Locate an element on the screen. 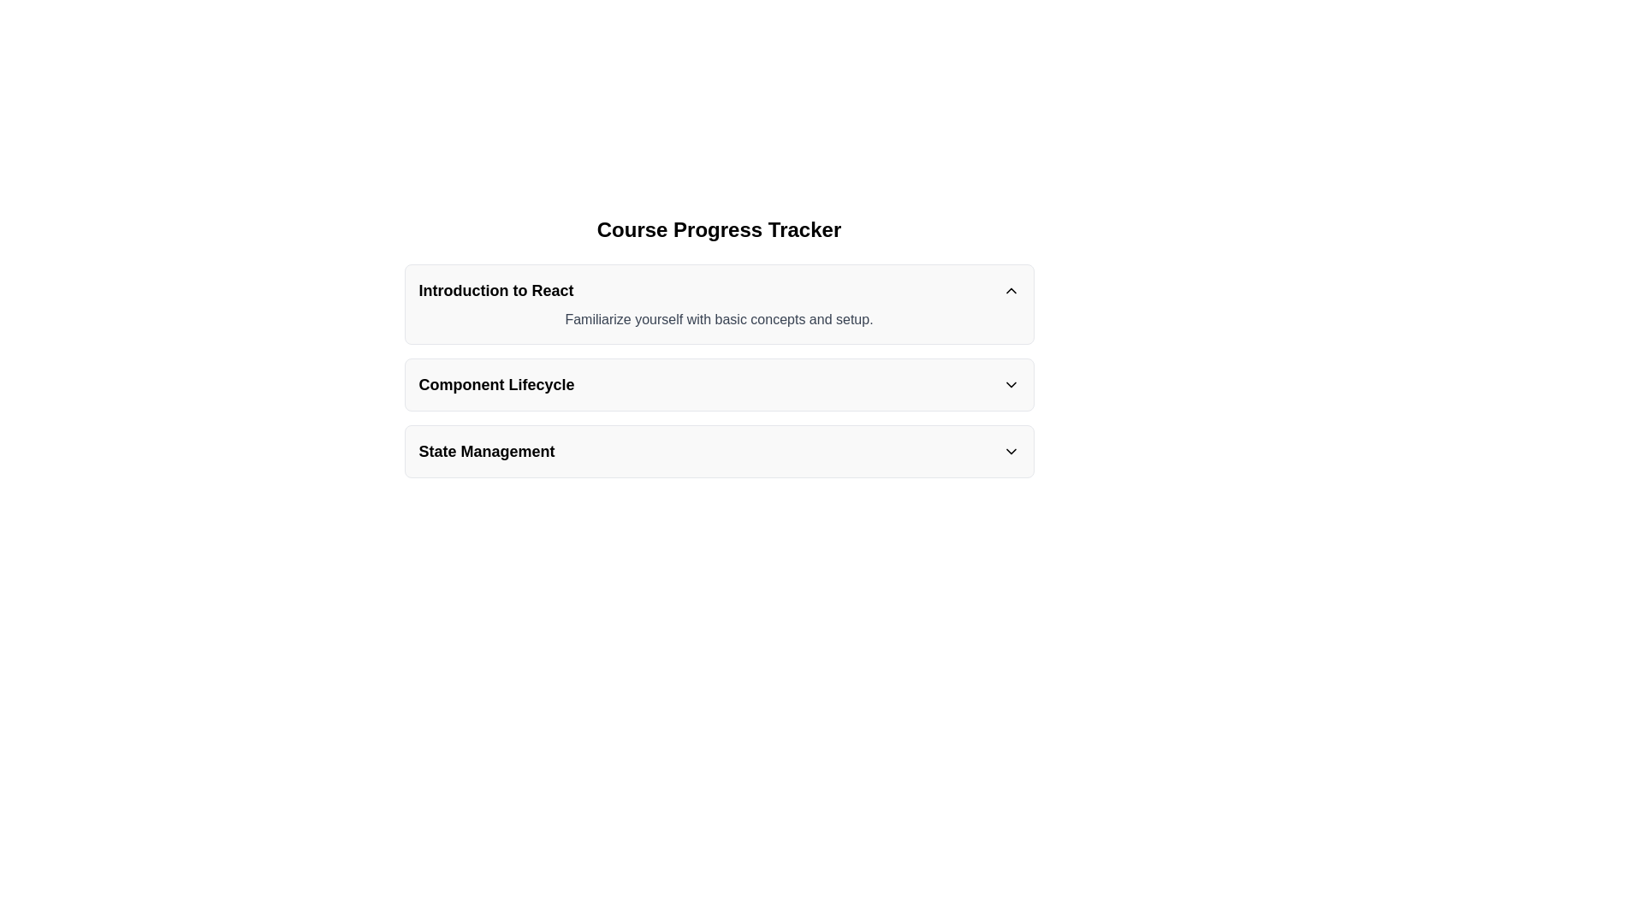  text content of the header or label for the 'Component Lifecycle' section, which is positioned below the 'Introduction to React' section and above the 'State Management' section is located at coordinates (495, 385).